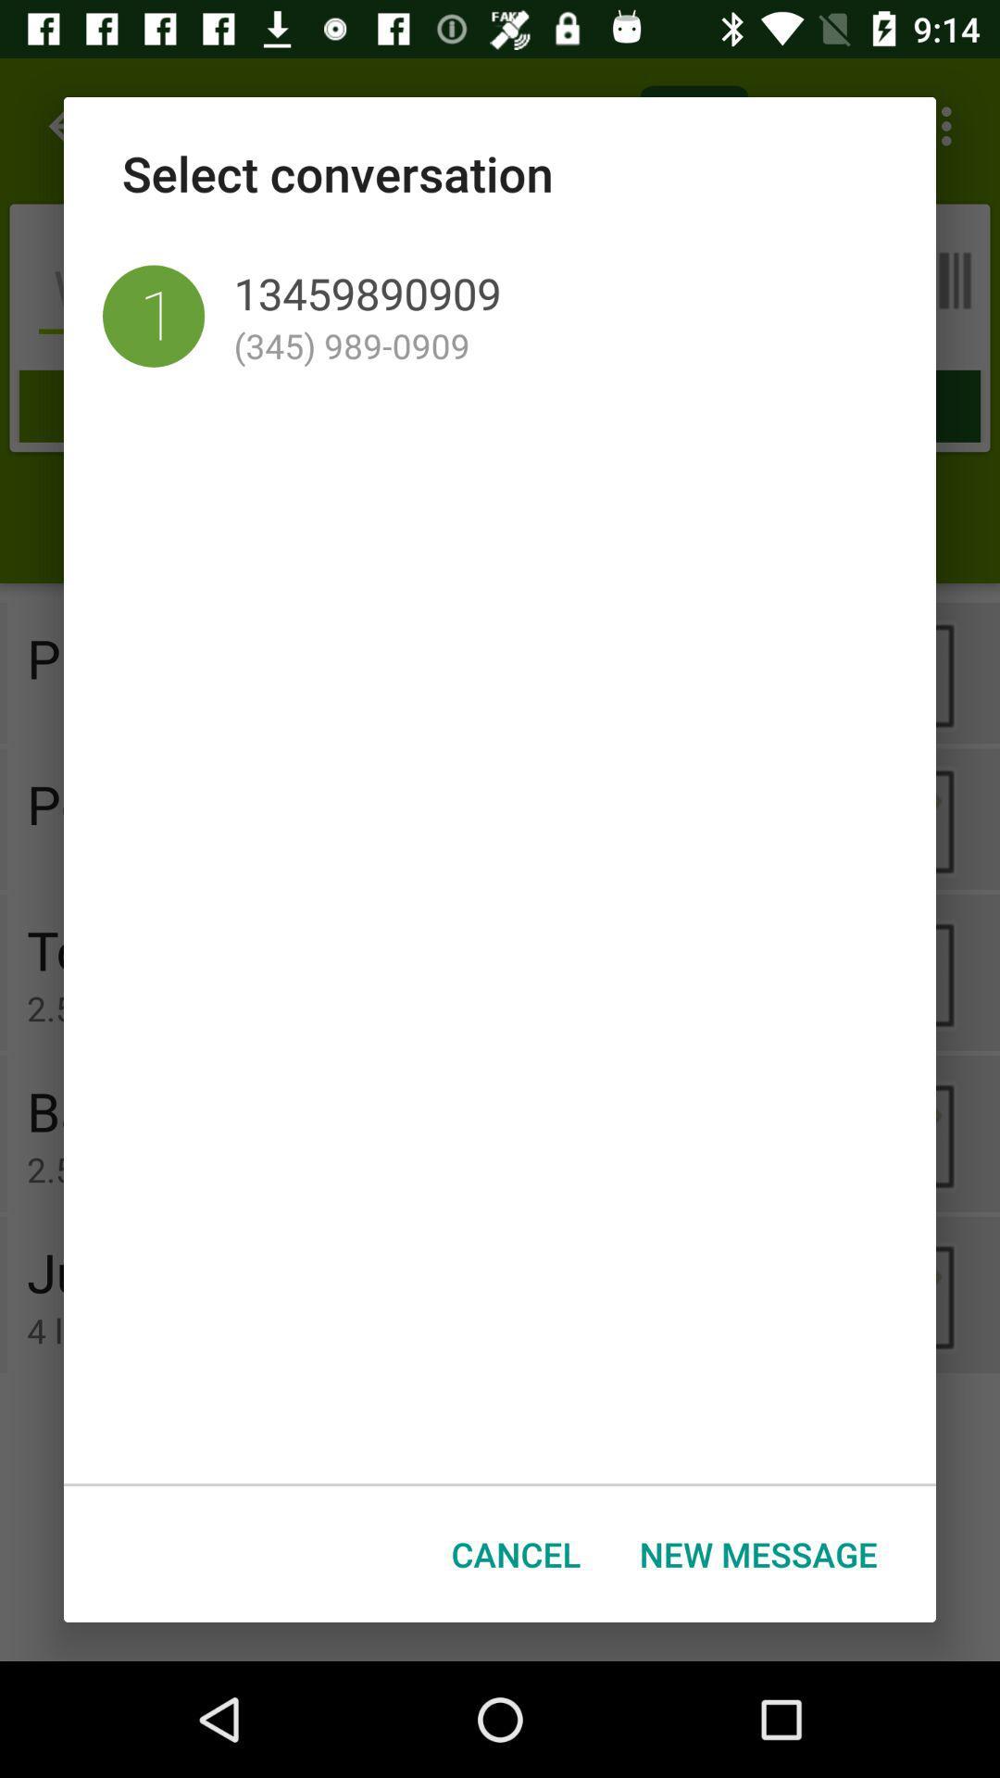 This screenshot has height=1778, width=1000. I want to click on icon next to cancel button, so click(758, 1554).